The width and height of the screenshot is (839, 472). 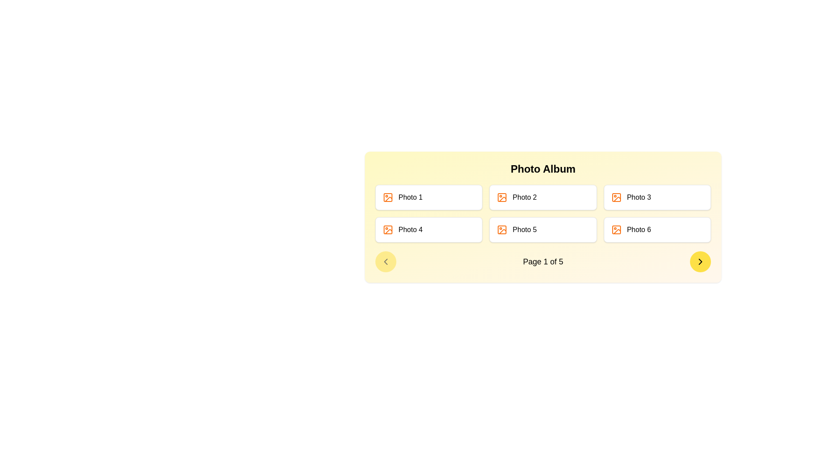 What do you see at coordinates (388, 229) in the screenshot?
I see `the vibrant orange icon representing an image within the 'Photo 4' button group` at bounding box center [388, 229].